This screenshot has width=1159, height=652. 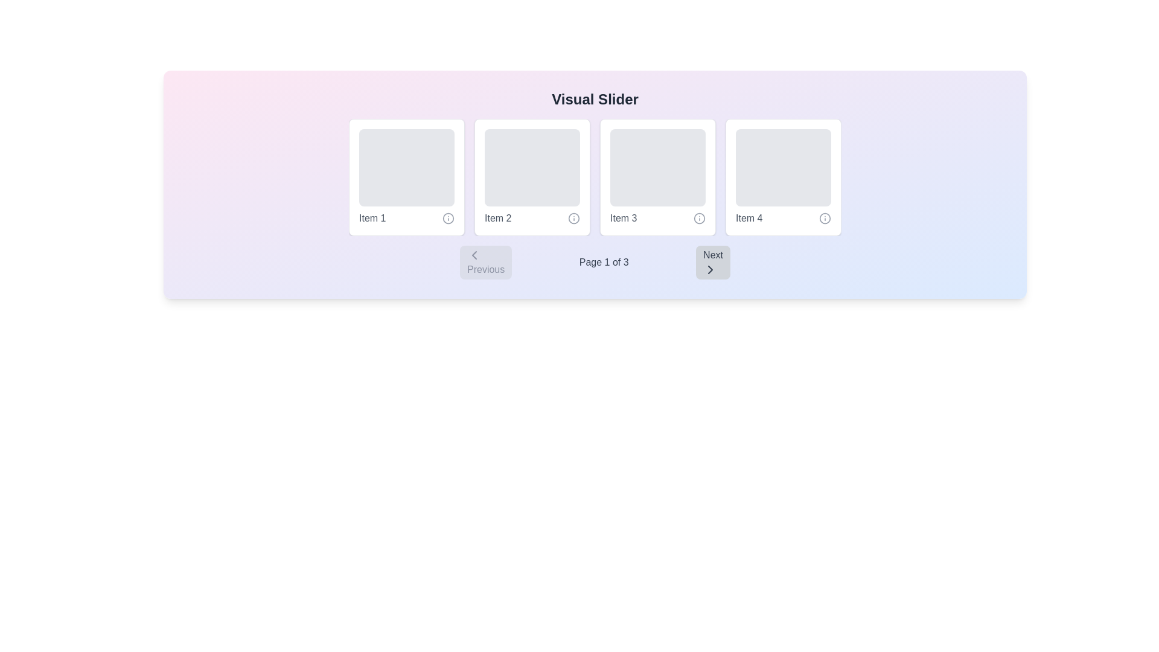 What do you see at coordinates (825, 219) in the screenshot?
I see `the rounded icon with a circular outline and a central bullet point, styled with the 'lucide-info' class, located at the bottom-right corner of the 'Item 4' box in the four-item horizontal slider` at bounding box center [825, 219].